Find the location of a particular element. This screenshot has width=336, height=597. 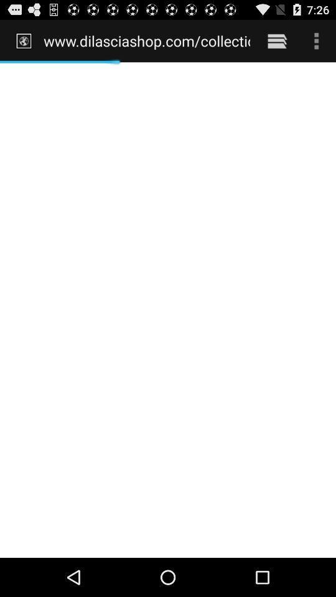

the www dilasciashop com item is located at coordinates (146, 40).